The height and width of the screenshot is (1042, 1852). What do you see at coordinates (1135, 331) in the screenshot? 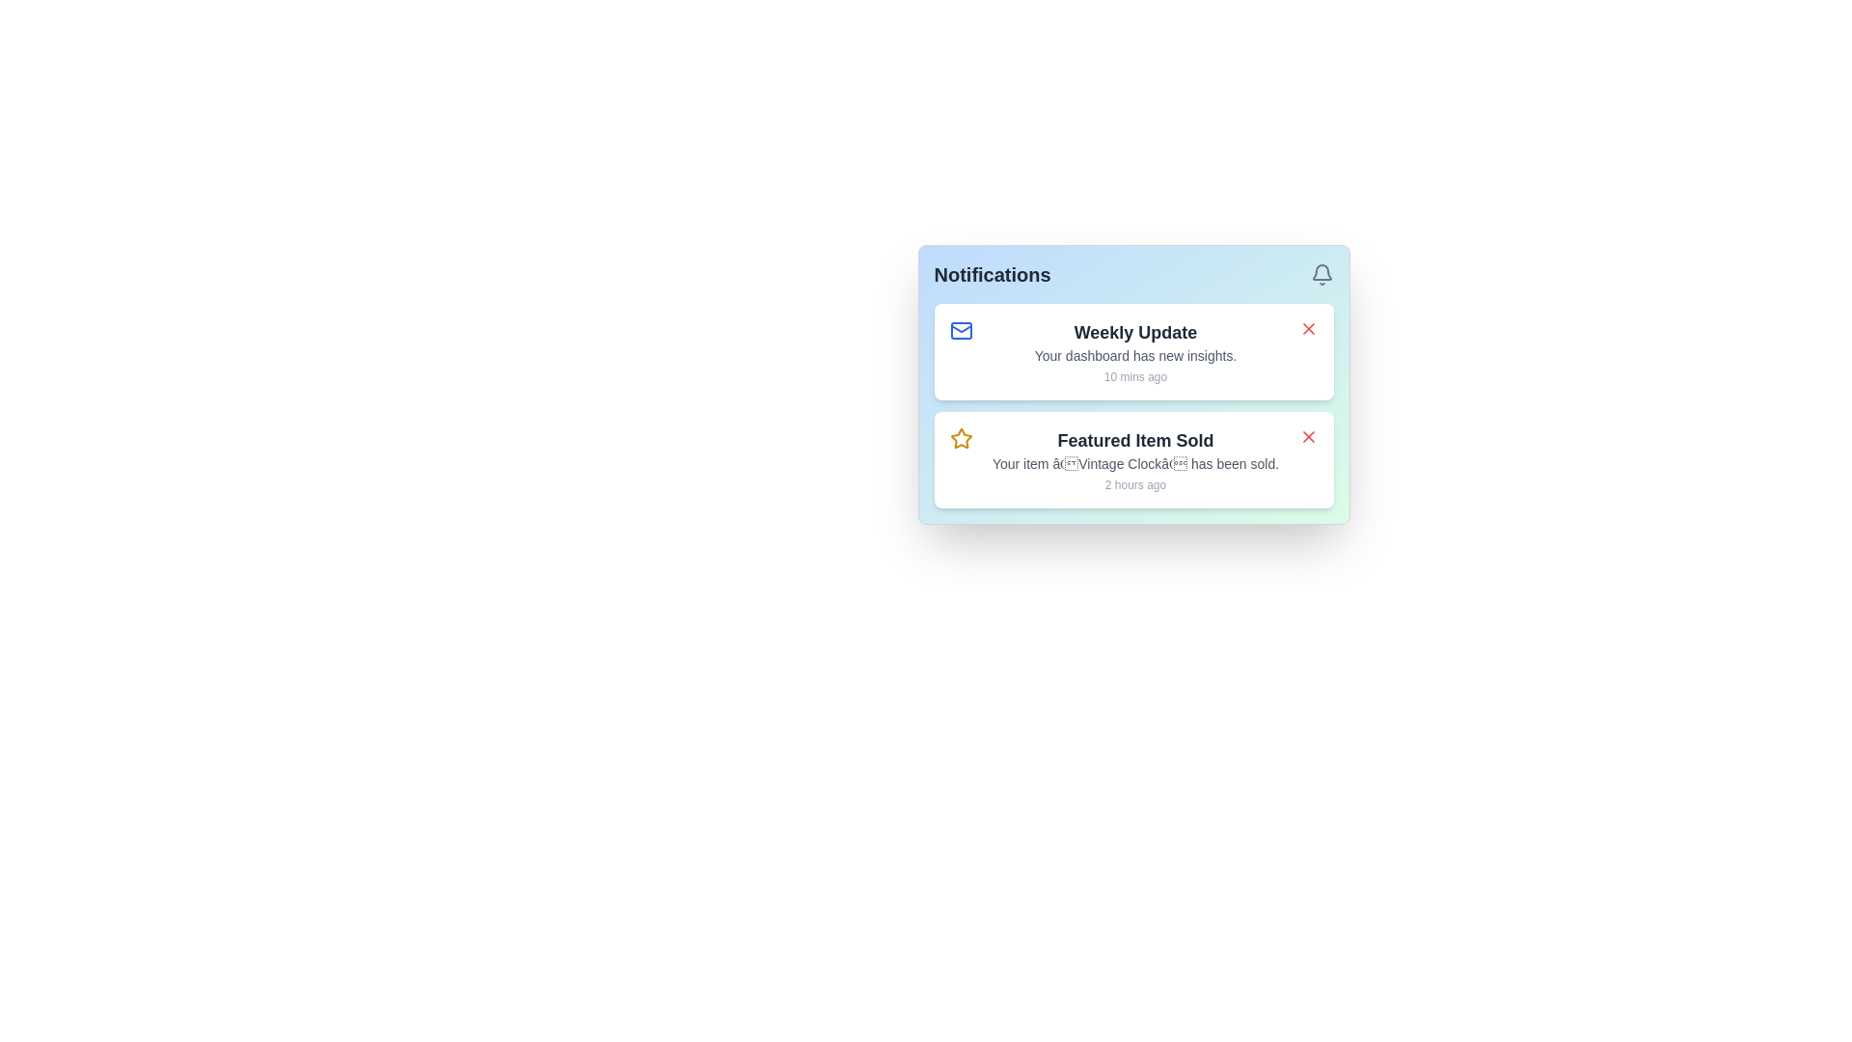
I see `title text of the first notification card located at the top section, which serves to indicate the main topic of the notification` at bounding box center [1135, 331].